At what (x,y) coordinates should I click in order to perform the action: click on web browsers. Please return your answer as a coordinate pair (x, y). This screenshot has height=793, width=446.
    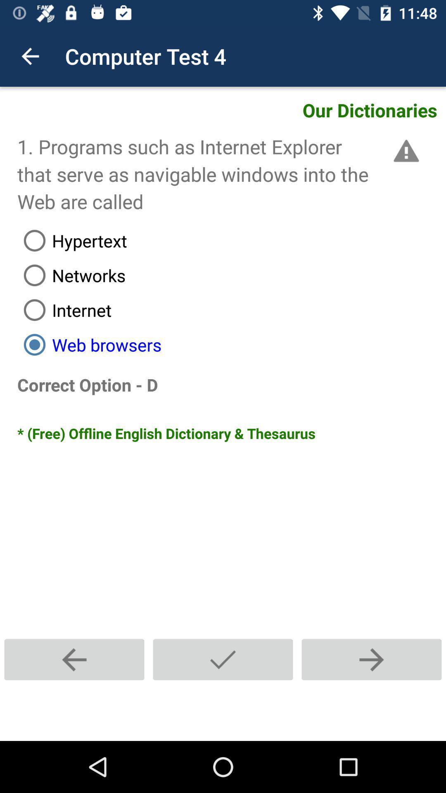
    Looking at the image, I should click on (231, 344).